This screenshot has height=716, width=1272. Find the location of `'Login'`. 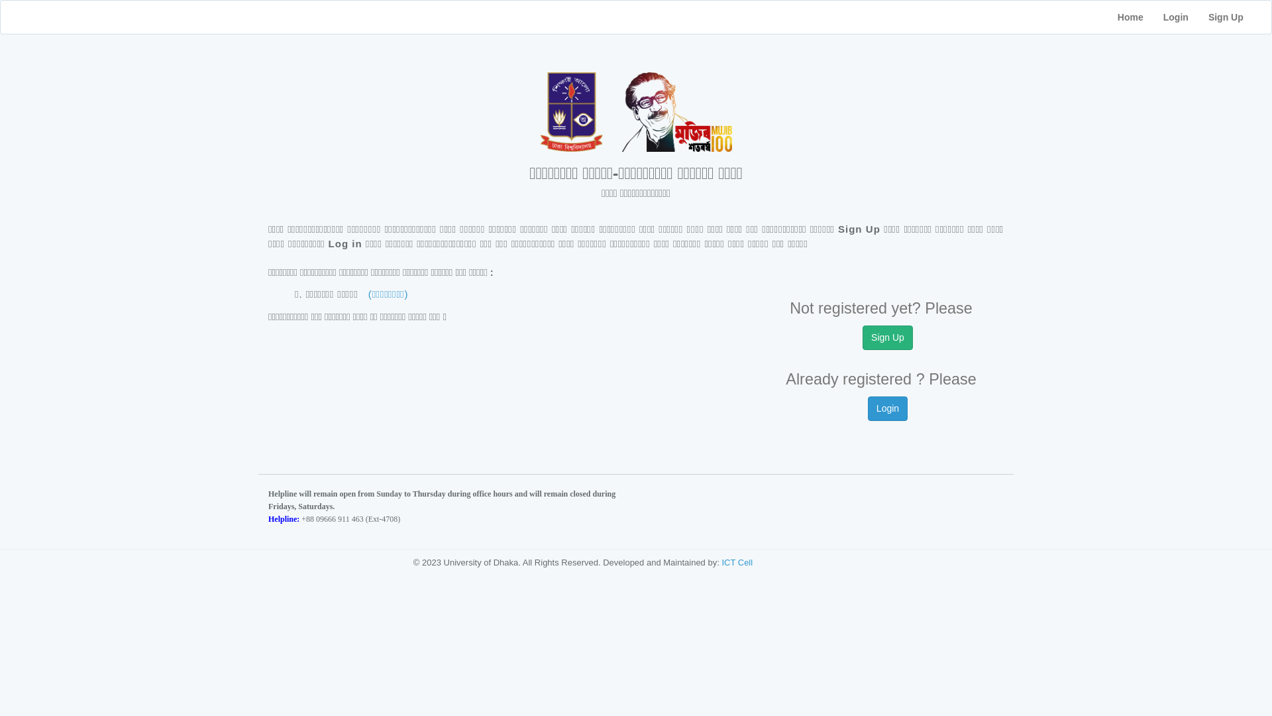

'Login' is located at coordinates (1153, 17).